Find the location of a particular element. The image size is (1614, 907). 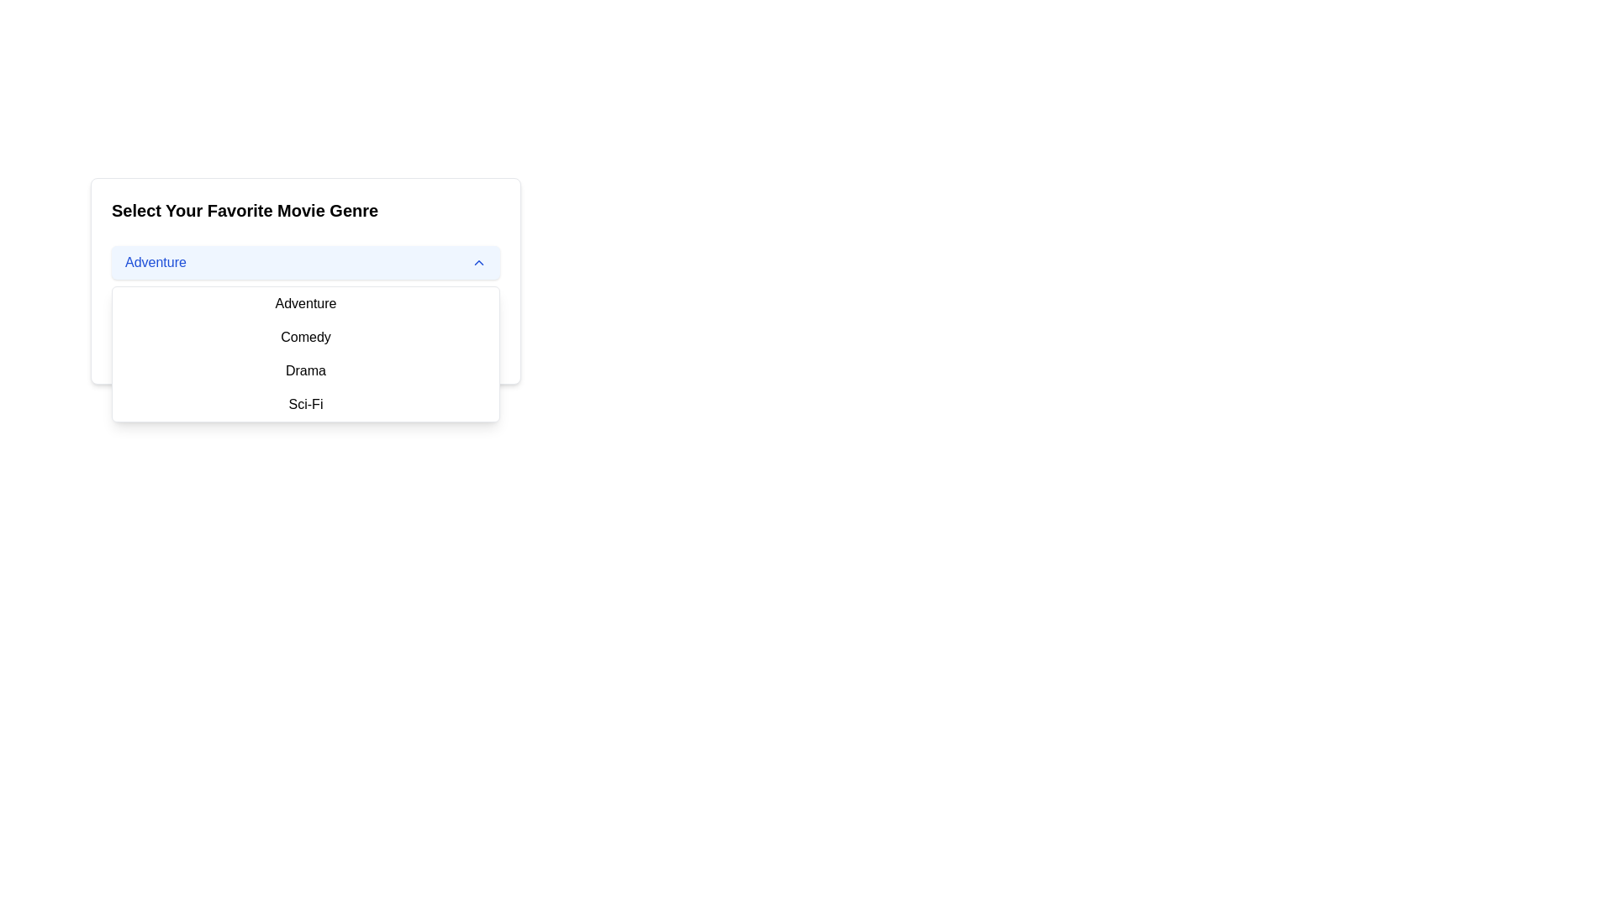

the 'Comedy' selectable option in the dropdown menu is located at coordinates (306, 337).